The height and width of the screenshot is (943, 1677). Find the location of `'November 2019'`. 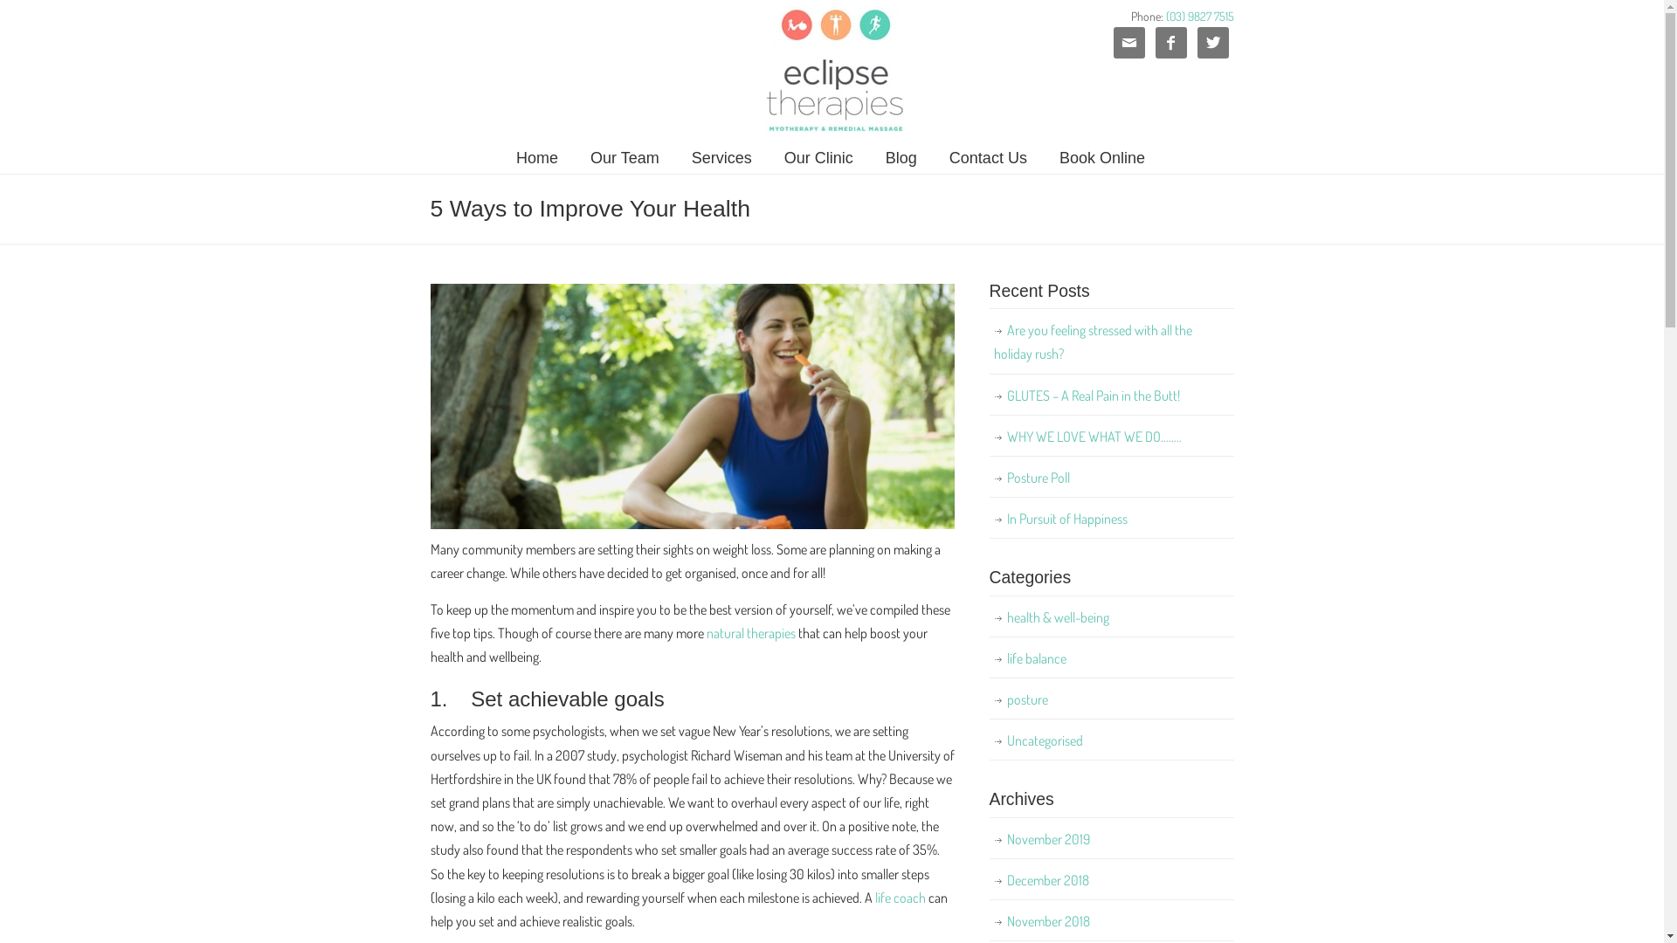

'November 2019' is located at coordinates (1110, 838).